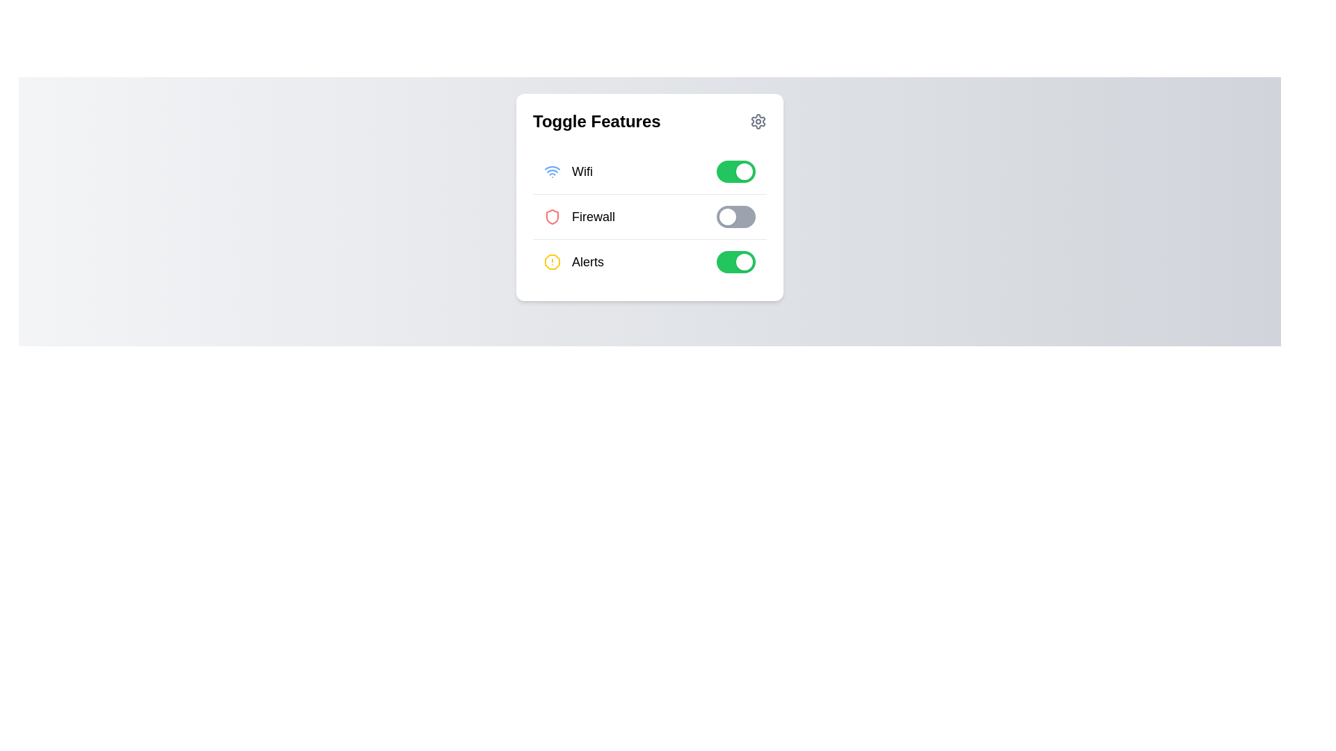  What do you see at coordinates (551, 217) in the screenshot?
I see `the 'Firewall' icon located in the second row of the vertically structured list, which symbolizes the Firewall feature` at bounding box center [551, 217].